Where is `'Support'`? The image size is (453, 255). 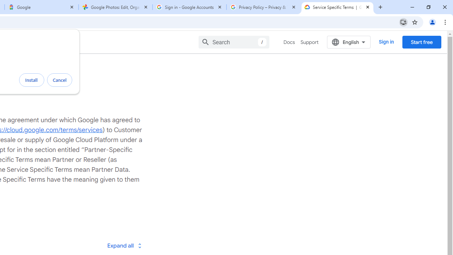
'Support' is located at coordinates (309, 42).